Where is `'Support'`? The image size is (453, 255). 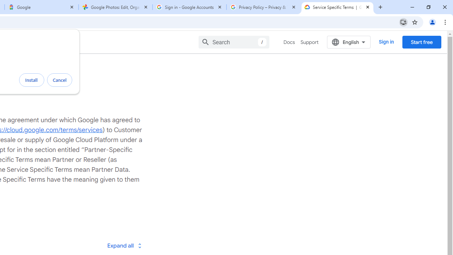
'Support' is located at coordinates (309, 42).